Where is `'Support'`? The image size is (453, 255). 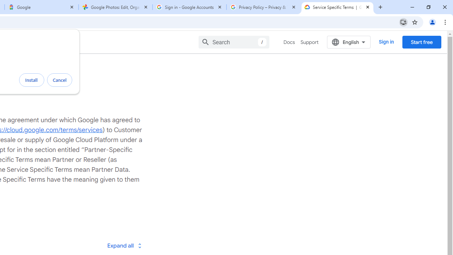
'Support' is located at coordinates (309, 42).